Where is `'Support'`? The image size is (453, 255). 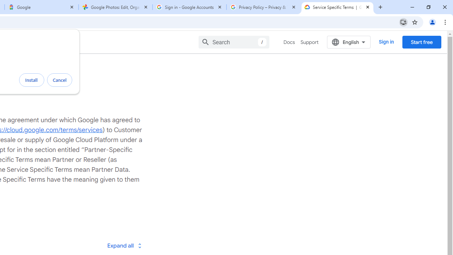
'Support' is located at coordinates (309, 42).